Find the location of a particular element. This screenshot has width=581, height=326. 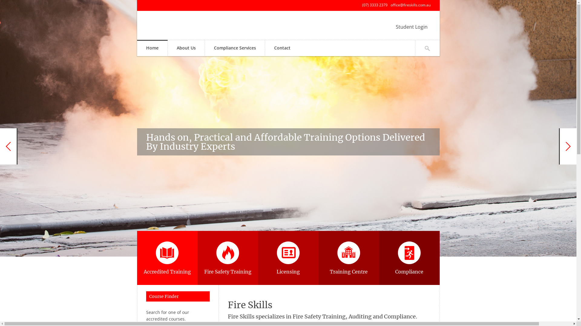

'office@fireskills.com.au' is located at coordinates (390, 5).